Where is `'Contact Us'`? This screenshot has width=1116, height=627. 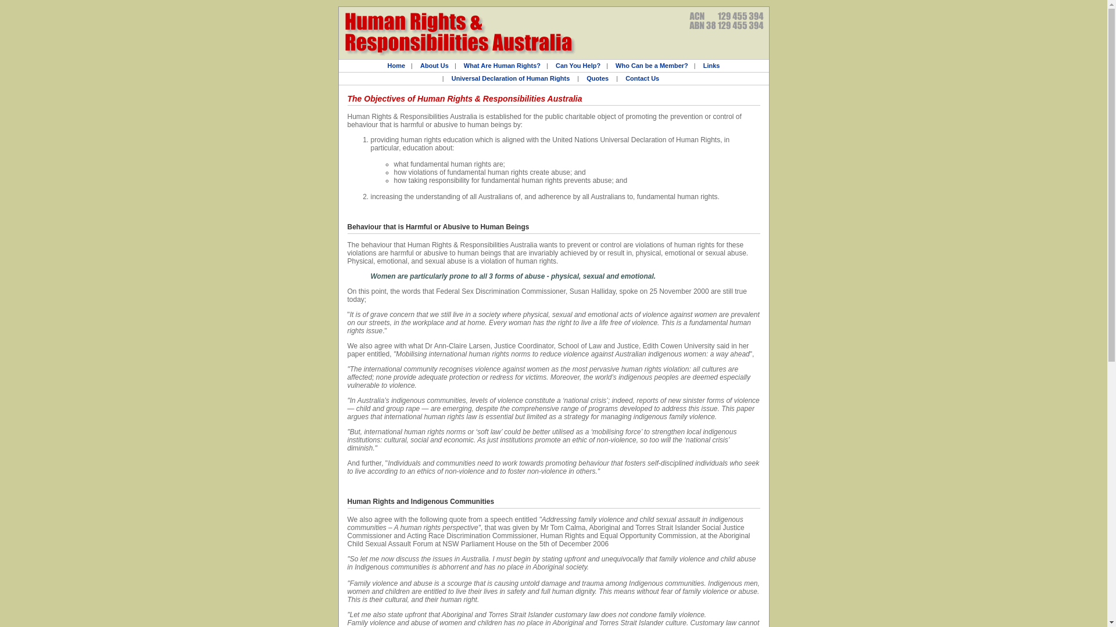 'Contact Us' is located at coordinates (641, 78).